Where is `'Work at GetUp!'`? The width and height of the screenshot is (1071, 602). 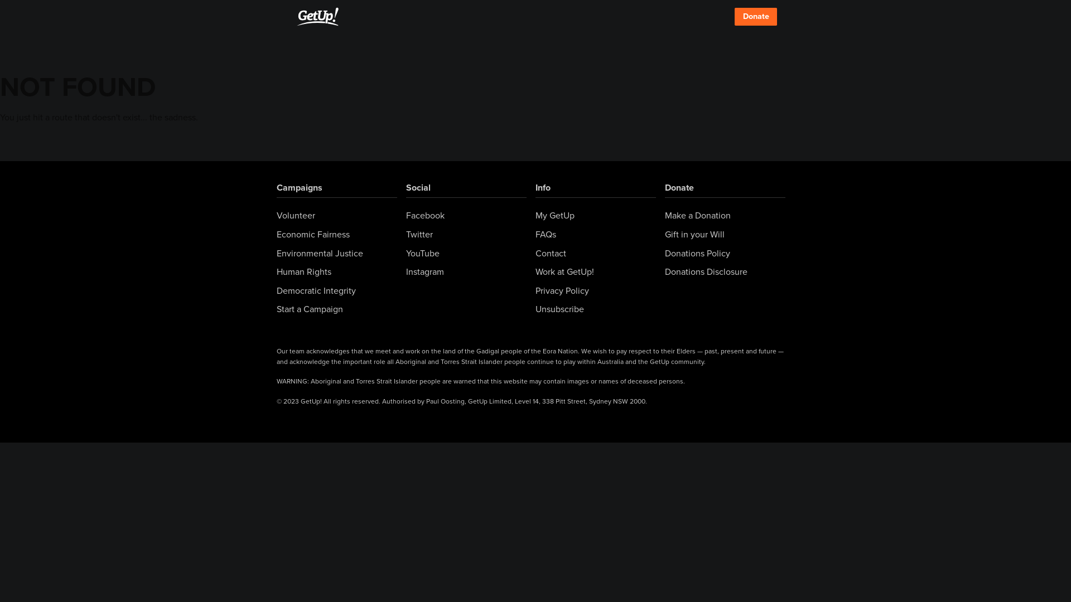 'Work at GetUp!' is located at coordinates (565, 272).